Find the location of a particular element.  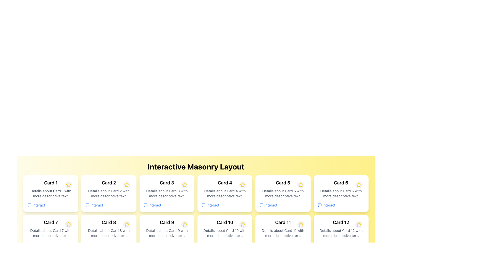

the interactive icon button at the top-right corner of 'Card 12' is located at coordinates (358, 225).